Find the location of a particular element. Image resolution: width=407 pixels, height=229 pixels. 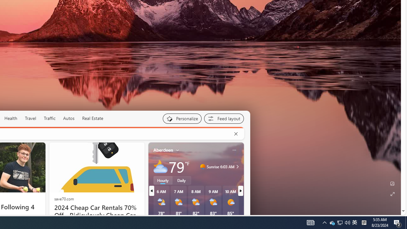

'Edit Background' is located at coordinates (392, 184).